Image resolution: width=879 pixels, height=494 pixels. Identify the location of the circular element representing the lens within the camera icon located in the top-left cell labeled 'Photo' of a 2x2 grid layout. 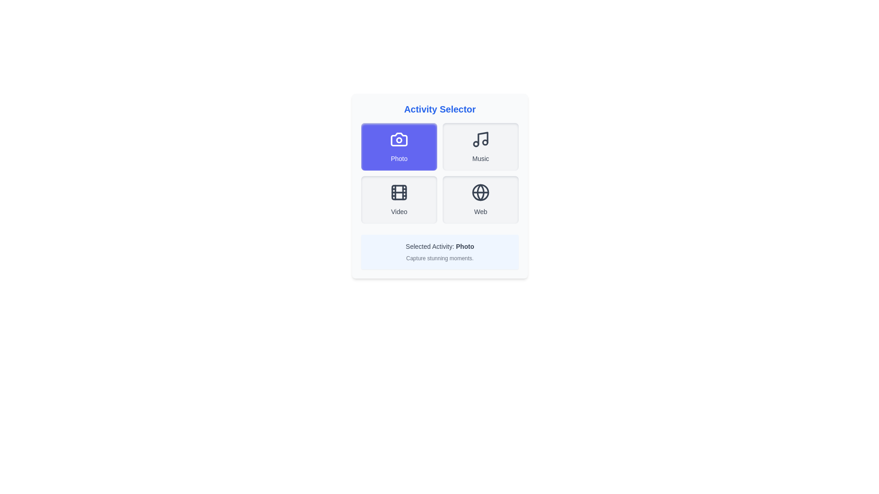
(399, 140).